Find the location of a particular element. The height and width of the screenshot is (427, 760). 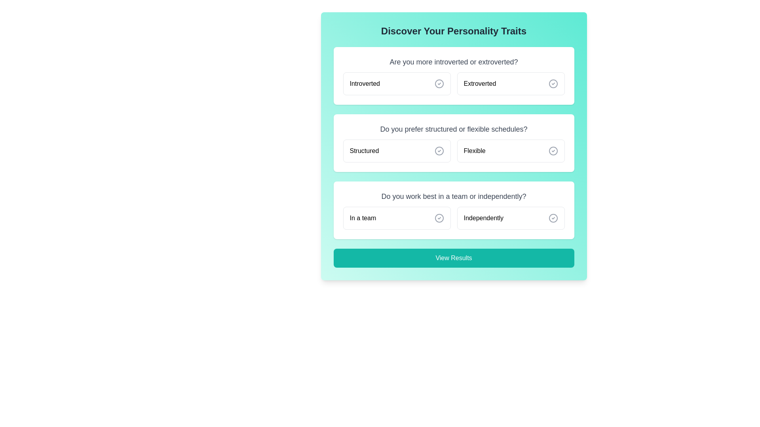

the 'Introverted' button or selectable option card located is located at coordinates (397, 84).